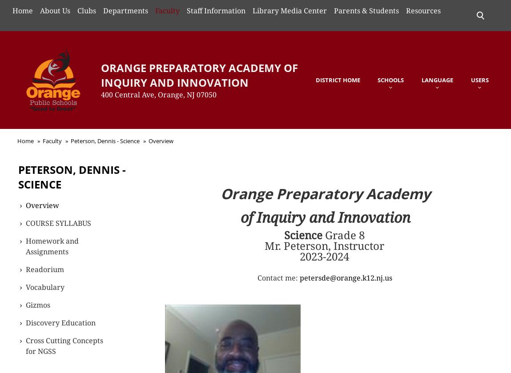 This screenshot has height=373, width=511. I want to click on 'Schools', so click(390, 79).